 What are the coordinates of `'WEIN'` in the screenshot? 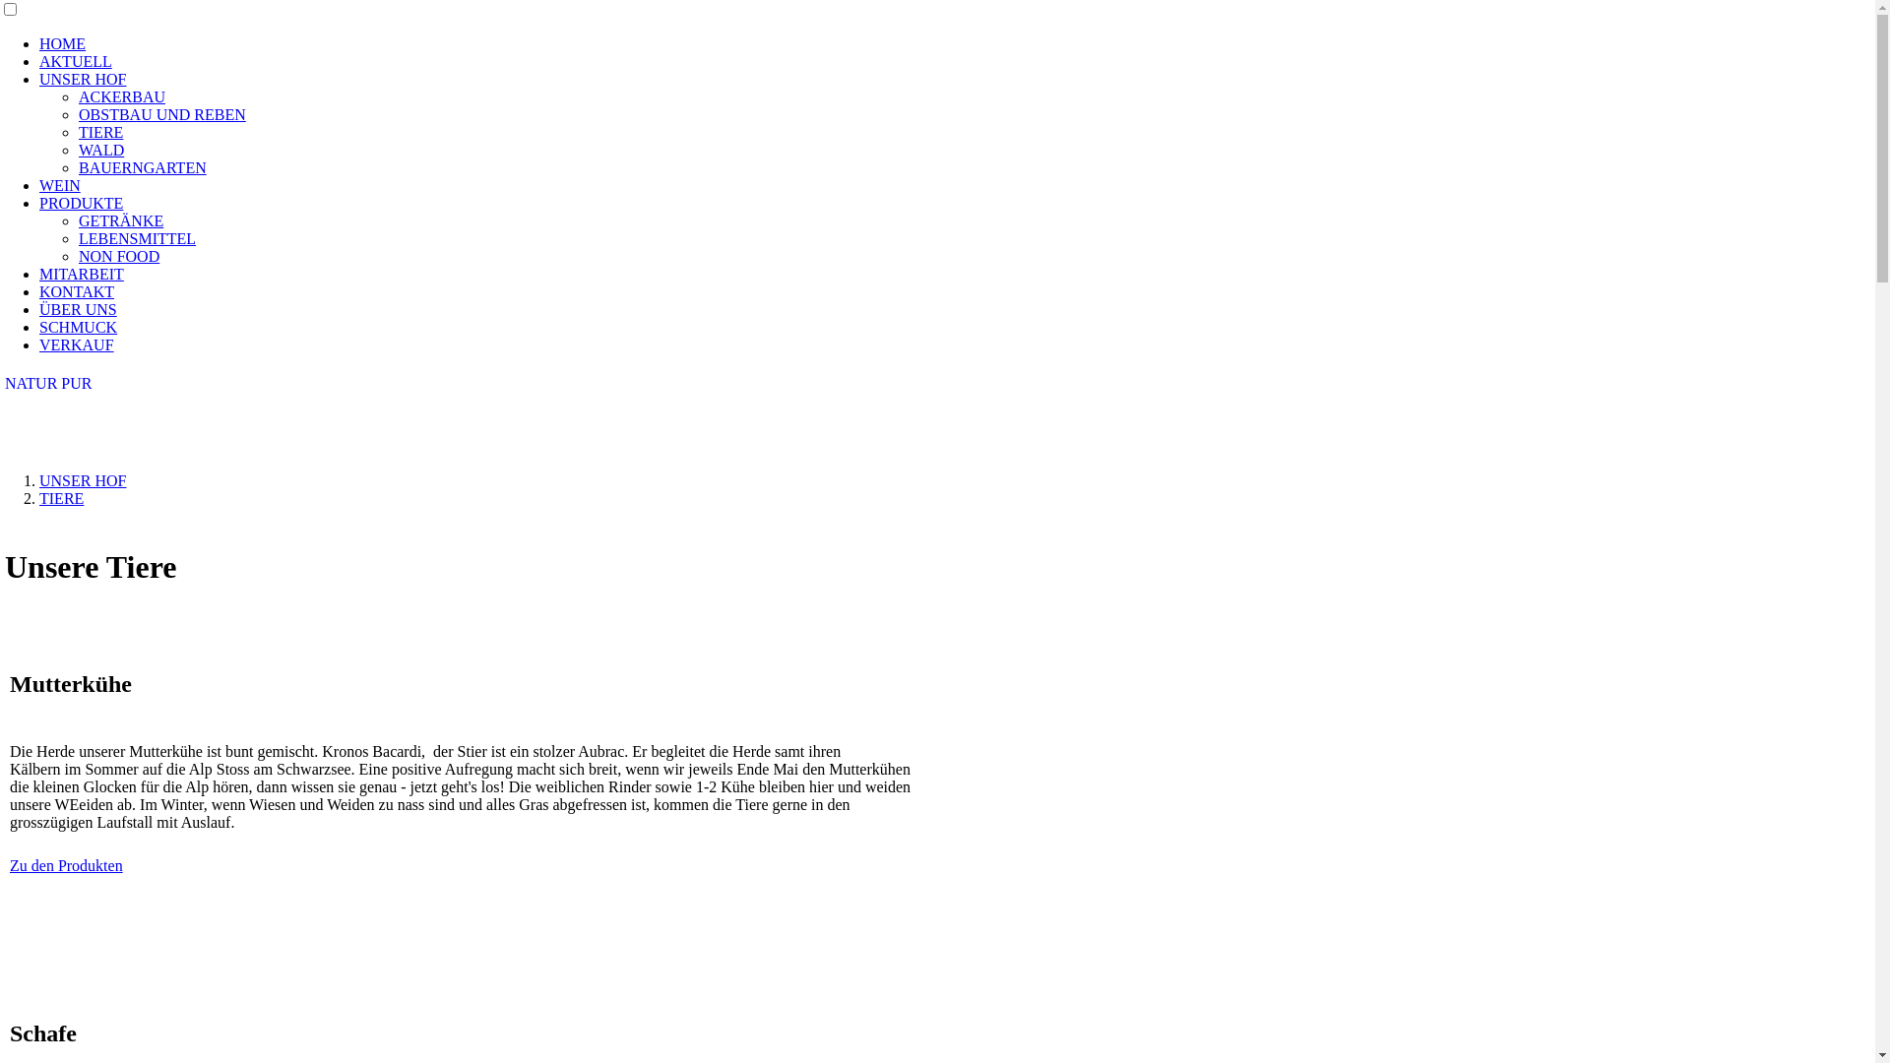 It's located at (38, 185).